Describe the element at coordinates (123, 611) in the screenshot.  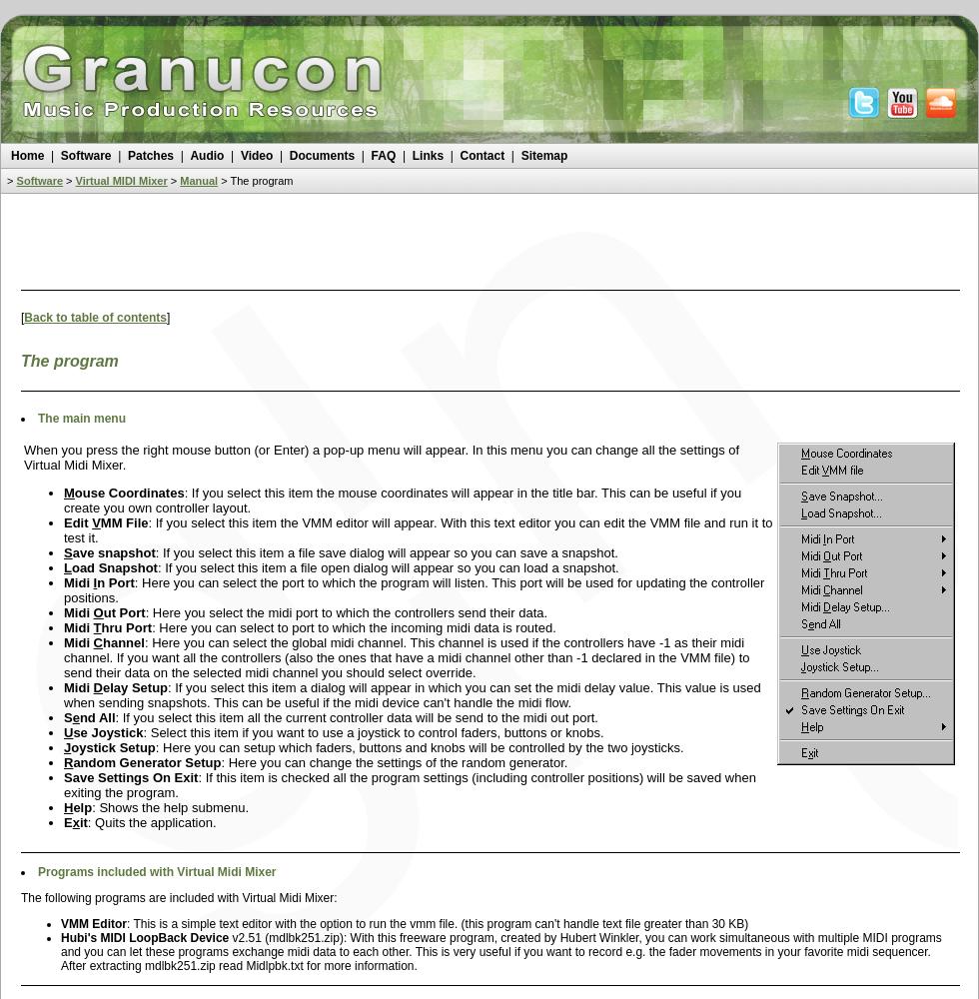
I see `'ut Port'` at that location.